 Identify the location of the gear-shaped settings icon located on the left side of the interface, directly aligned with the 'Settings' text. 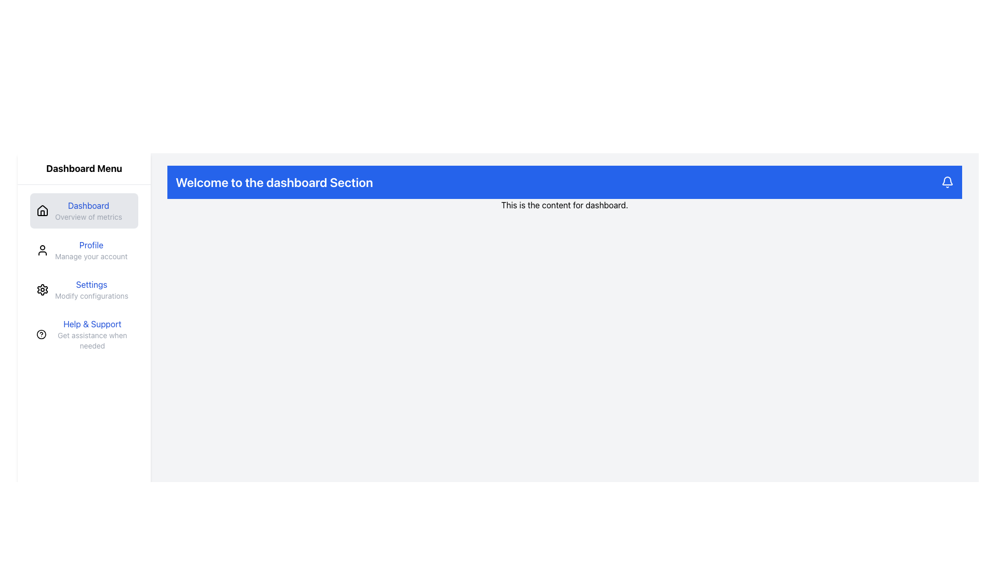
(42, 290).